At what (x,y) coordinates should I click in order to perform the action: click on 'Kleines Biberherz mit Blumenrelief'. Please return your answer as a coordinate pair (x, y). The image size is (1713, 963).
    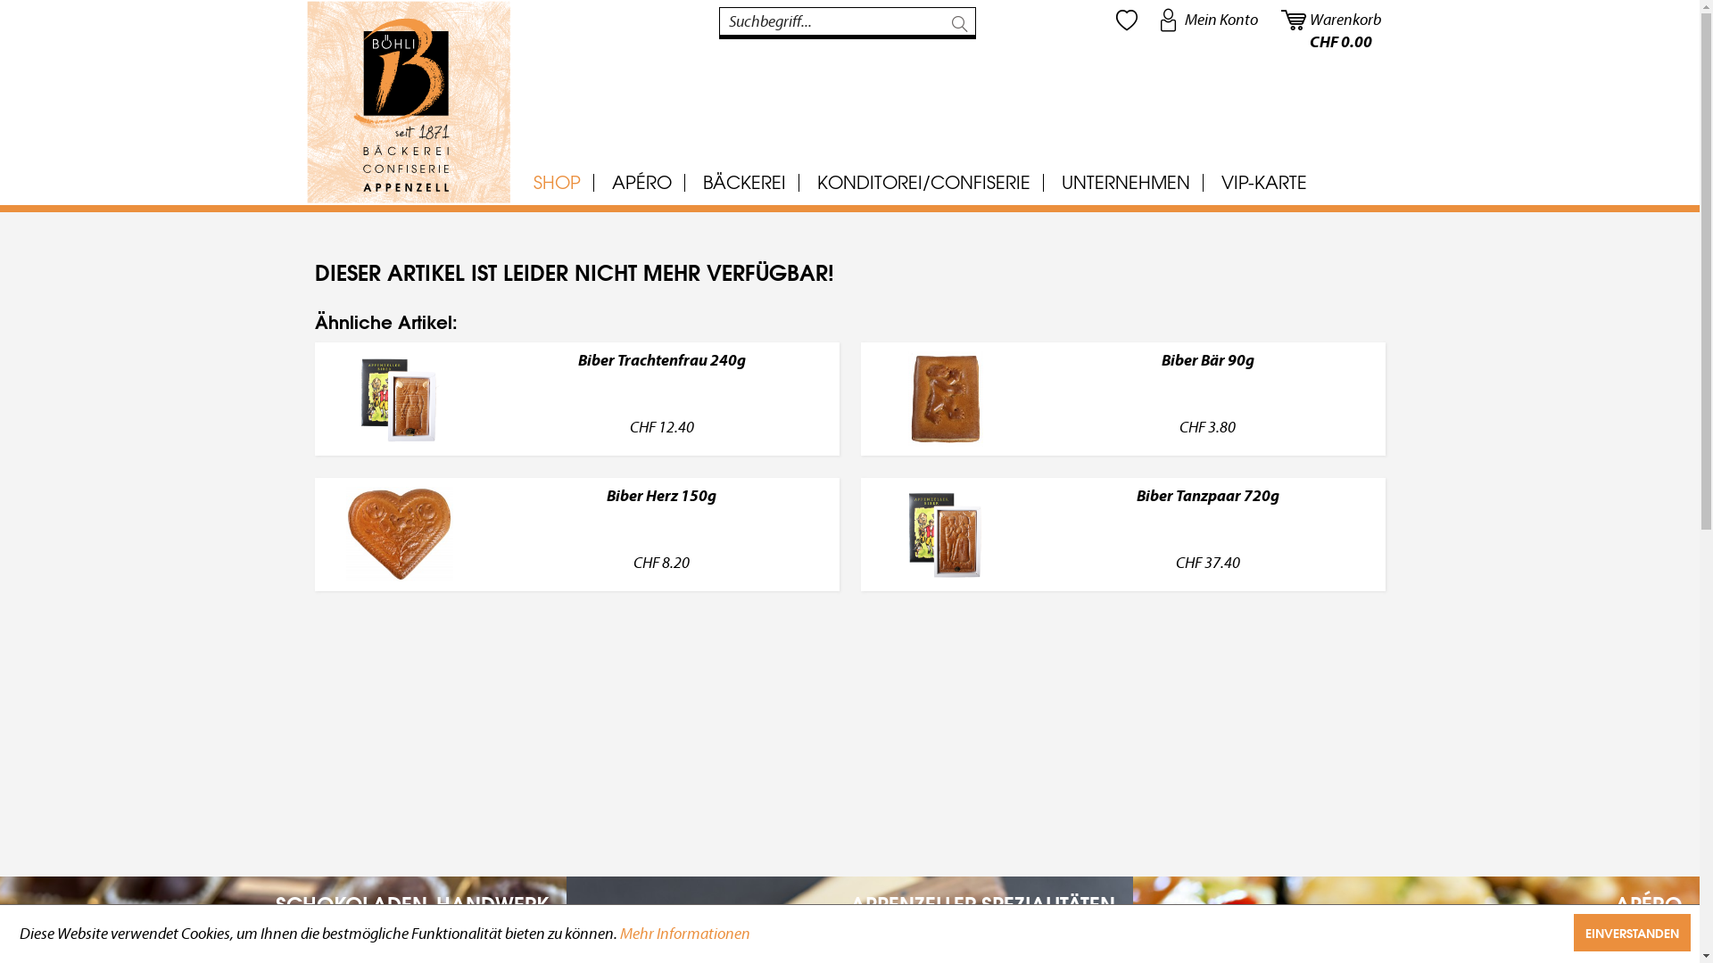
    Looking at the image, I should click on (398, 533).